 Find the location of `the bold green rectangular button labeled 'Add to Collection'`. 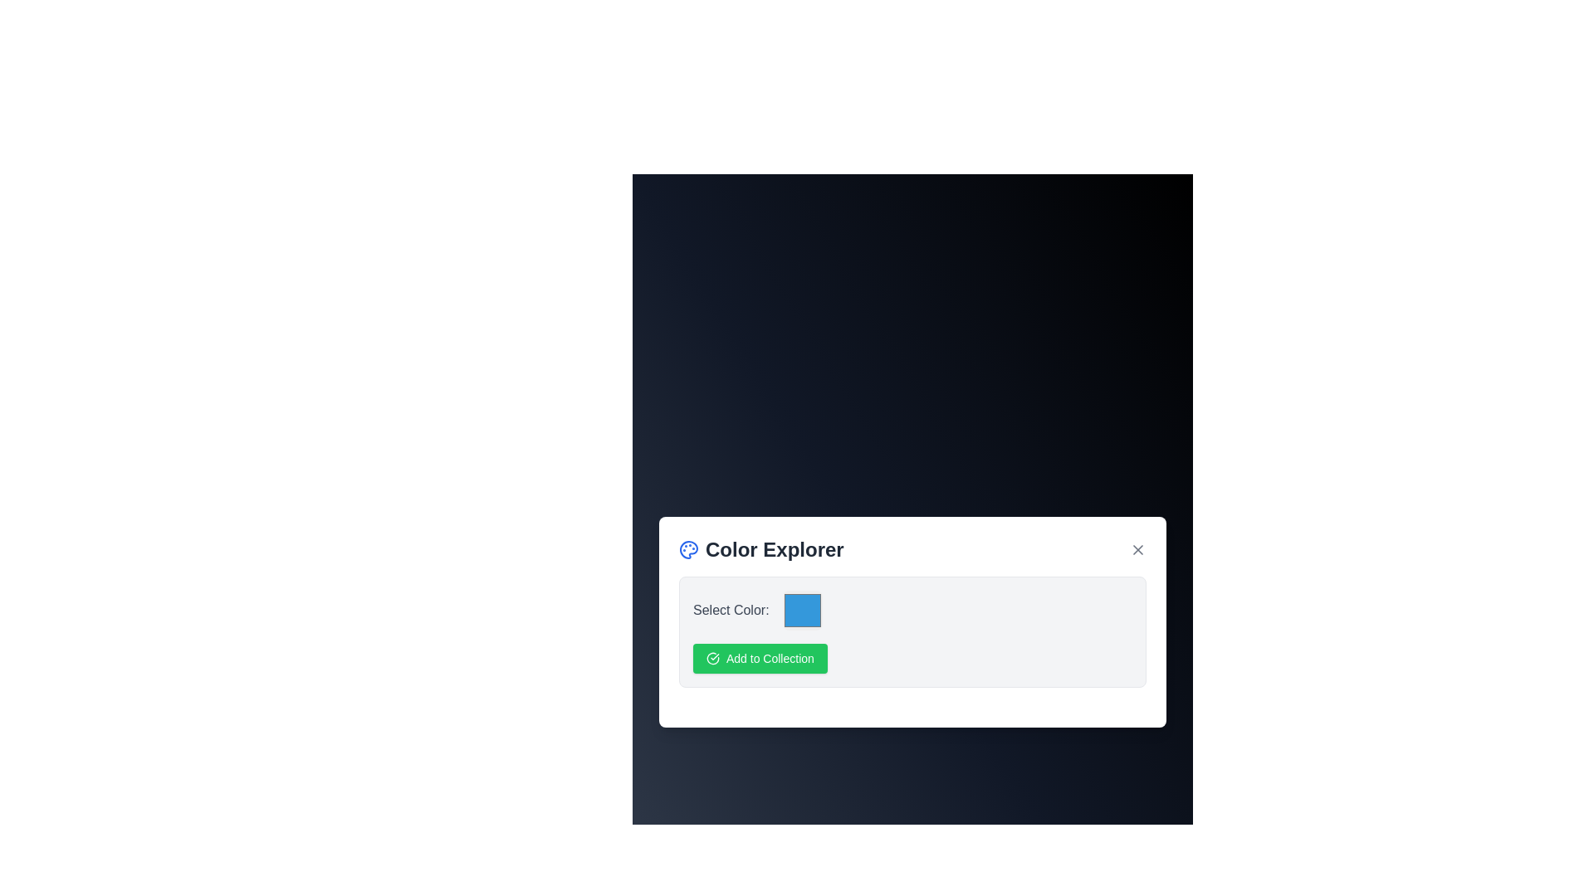

the bold green rectangular button labeled 'Add to Collection' is located at coordinates (759, 658).